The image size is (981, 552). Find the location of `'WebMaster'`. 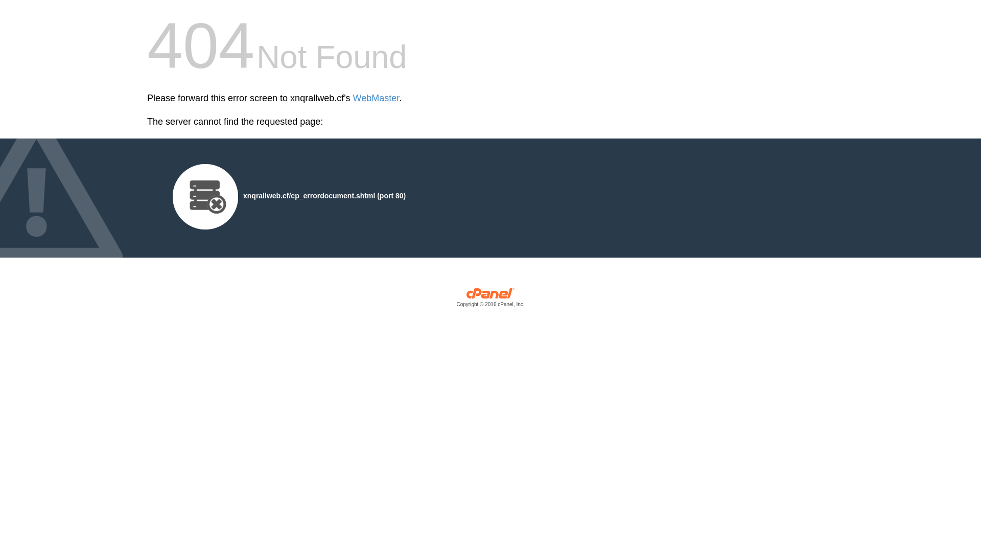

'WebMaster' is located at coordinates (376, 98).